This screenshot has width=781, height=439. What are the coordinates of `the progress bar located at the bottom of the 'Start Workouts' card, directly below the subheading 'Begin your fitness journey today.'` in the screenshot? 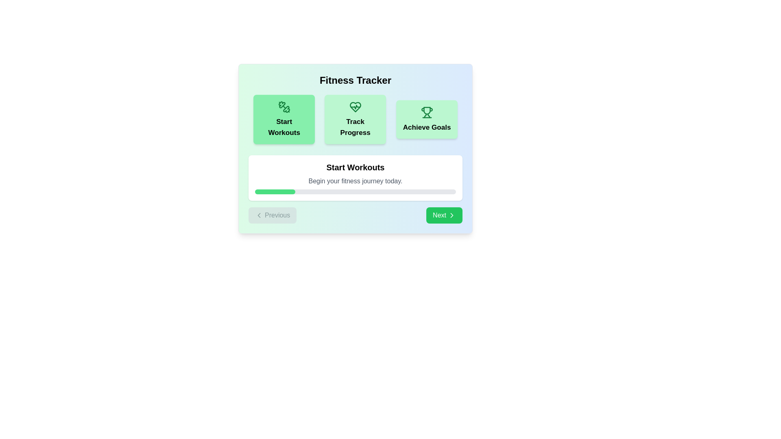 It's located at (355, 191).